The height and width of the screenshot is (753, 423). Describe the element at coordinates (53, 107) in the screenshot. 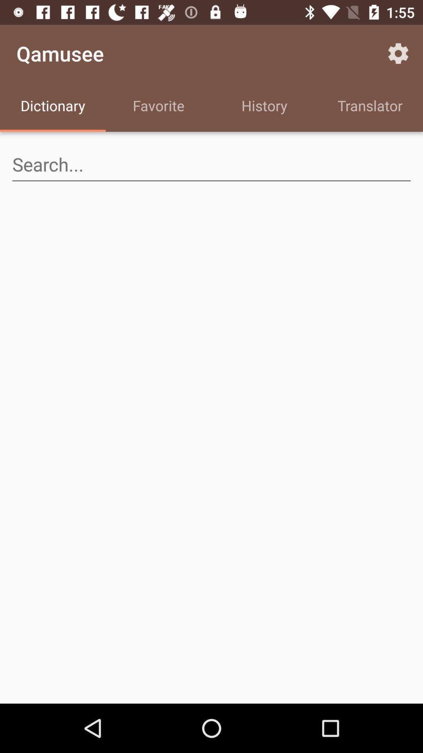

I see `the icon to the left of the favorite` at that location.